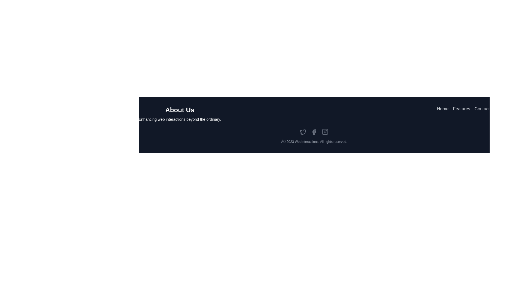  I want to click on the square-shaped dark icon with rounded corners located in the footer section of the interface, so click(325, 132).